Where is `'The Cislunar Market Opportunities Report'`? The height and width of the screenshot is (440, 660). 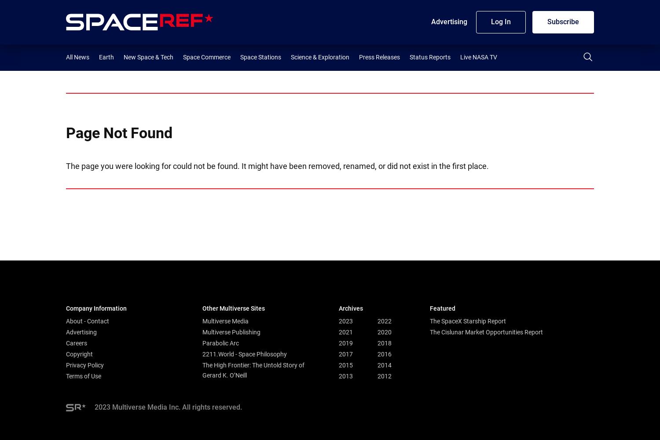
'The Cislunar Market Opportunities Report' is located at coordinates (485, 332).